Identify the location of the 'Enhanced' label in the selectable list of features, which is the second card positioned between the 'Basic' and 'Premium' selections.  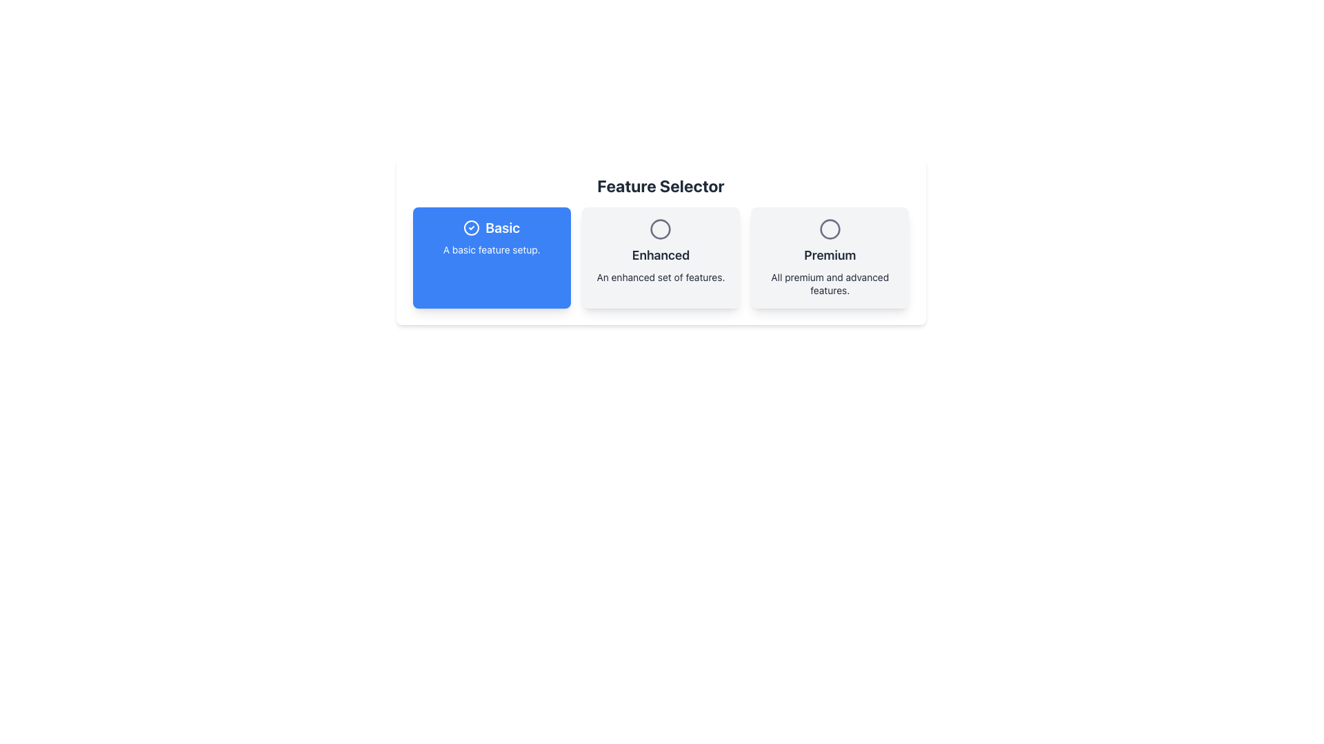
(660, 255).